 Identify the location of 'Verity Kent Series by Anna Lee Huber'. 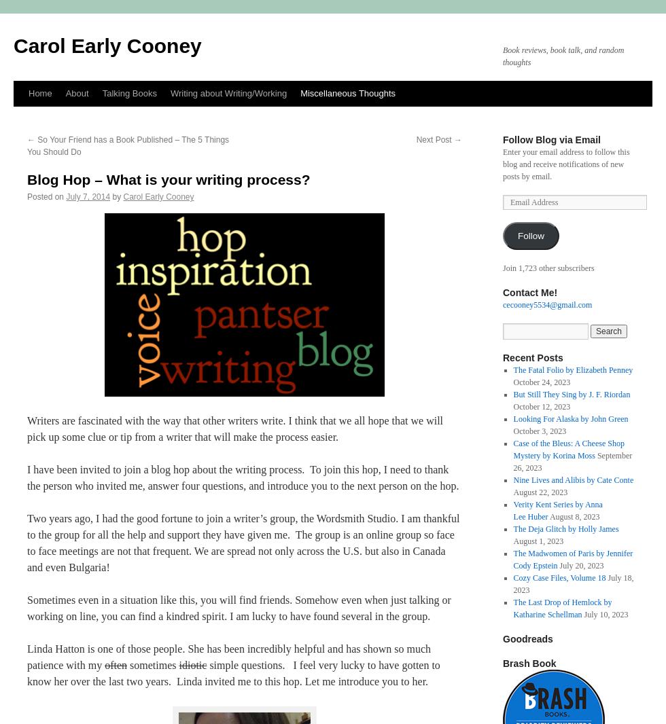
(557, 509).